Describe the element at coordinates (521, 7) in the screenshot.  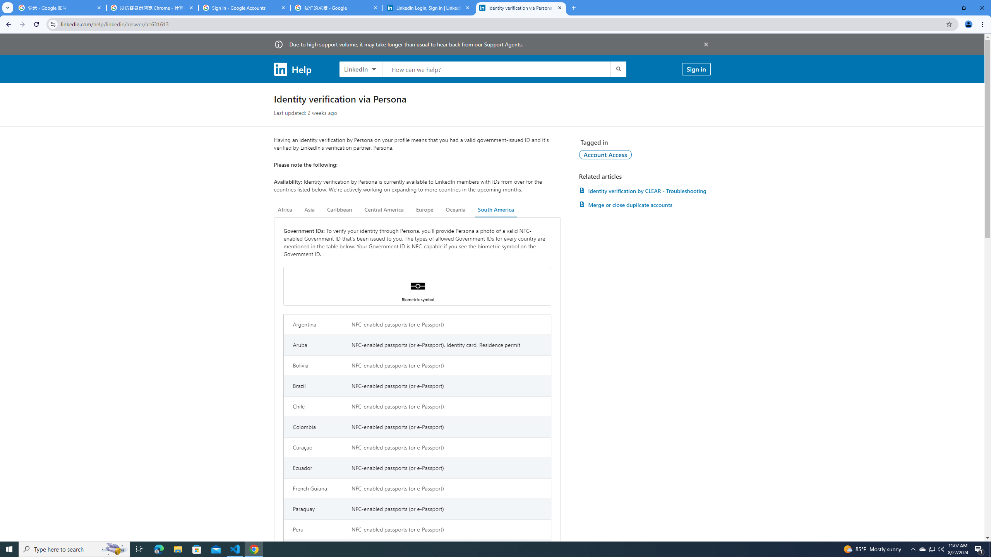
I see `'Identity verification via Persona | LinkedIn Help'` at that location.